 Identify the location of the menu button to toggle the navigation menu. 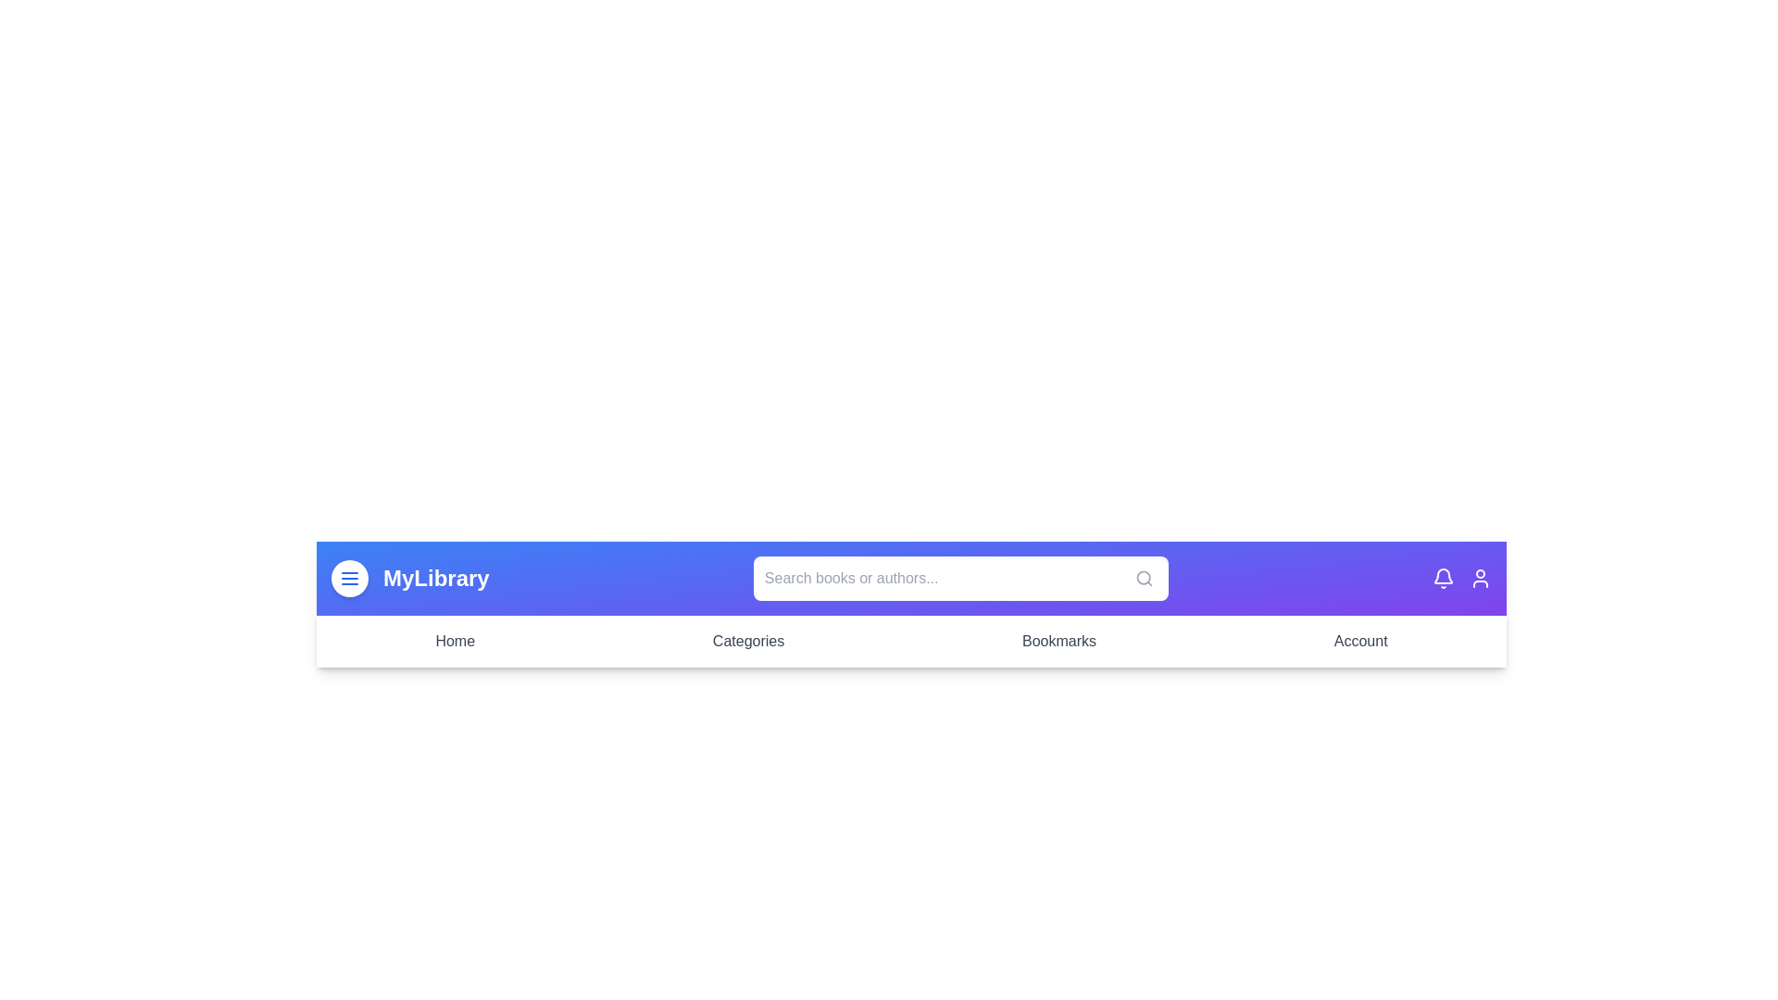
(350, 577).